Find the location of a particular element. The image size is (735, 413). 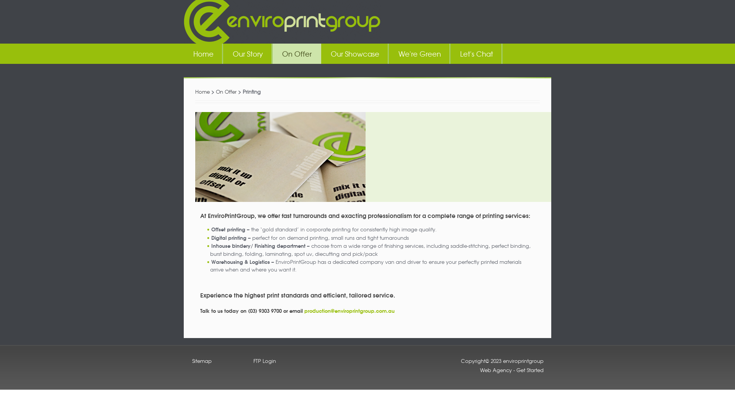

'production@enviroprintgroup.com.au' is located at coordinates (349, 311).